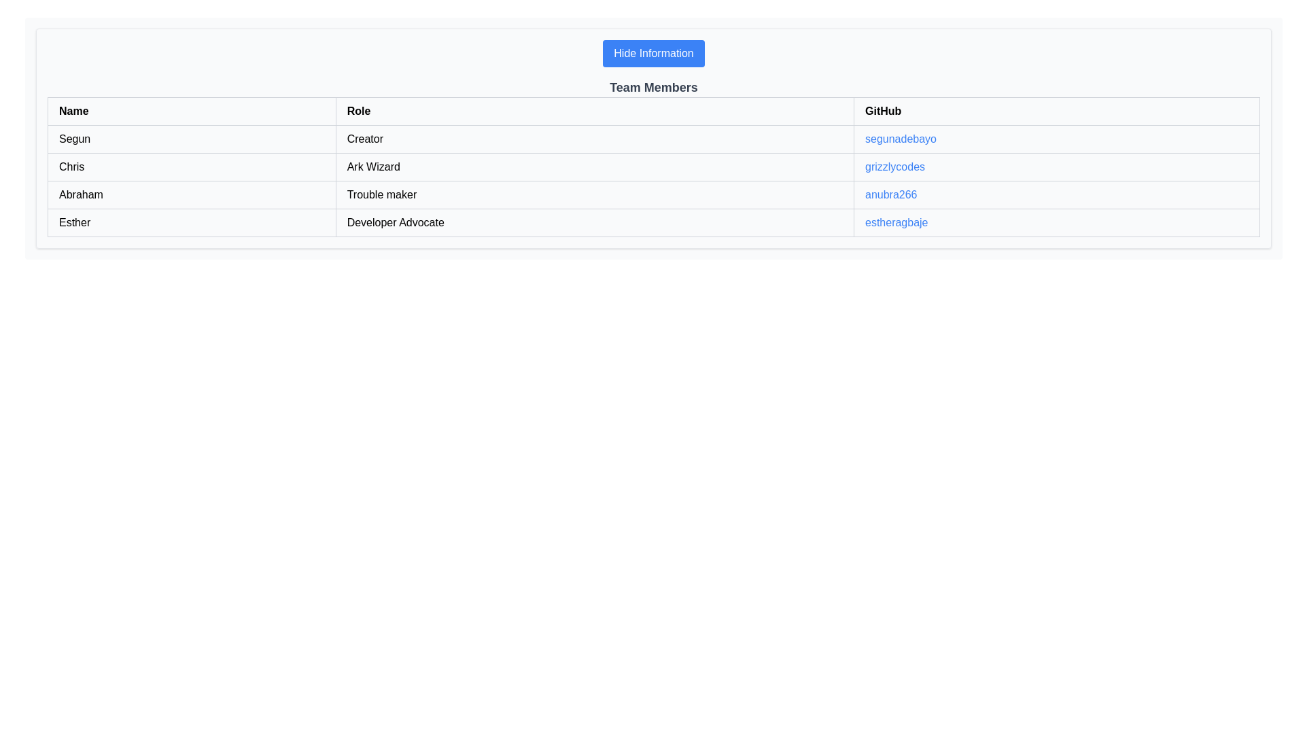 This screenshot has height=734, width=1305. Describe the element at coordinates (653, 167) in the screenshot. I see `the hyperlink 'grizzlycodes' in the table row for the individual 'Chris', who is an 'Ark Wizard'` at that location.